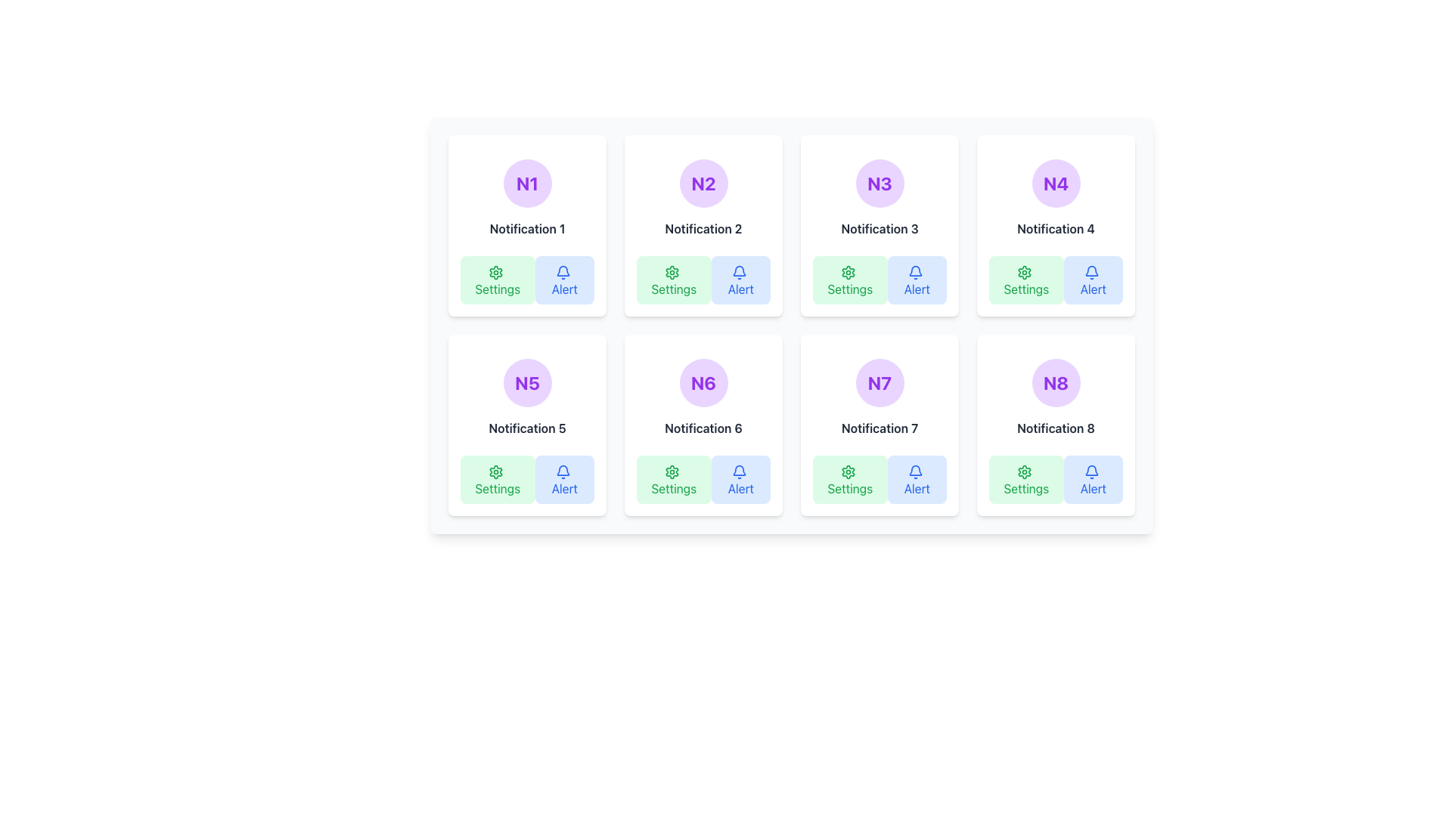  I want to click on the blue bell icon, which represents alerts or notifications, located within the 'Alert' button under the notification card labeled 'Notification 3', so click(914, 272).